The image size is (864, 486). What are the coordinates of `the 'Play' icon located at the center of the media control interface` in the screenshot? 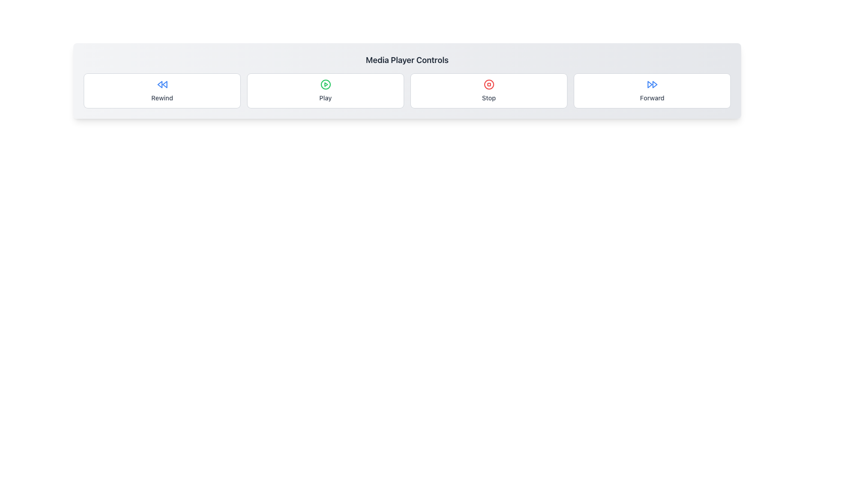 It's located at (325, 85).